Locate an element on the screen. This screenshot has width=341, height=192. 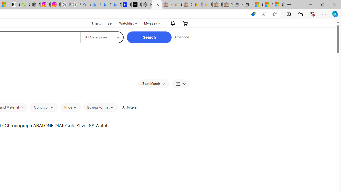
'All Filters' is located at coordinates (129, 107).